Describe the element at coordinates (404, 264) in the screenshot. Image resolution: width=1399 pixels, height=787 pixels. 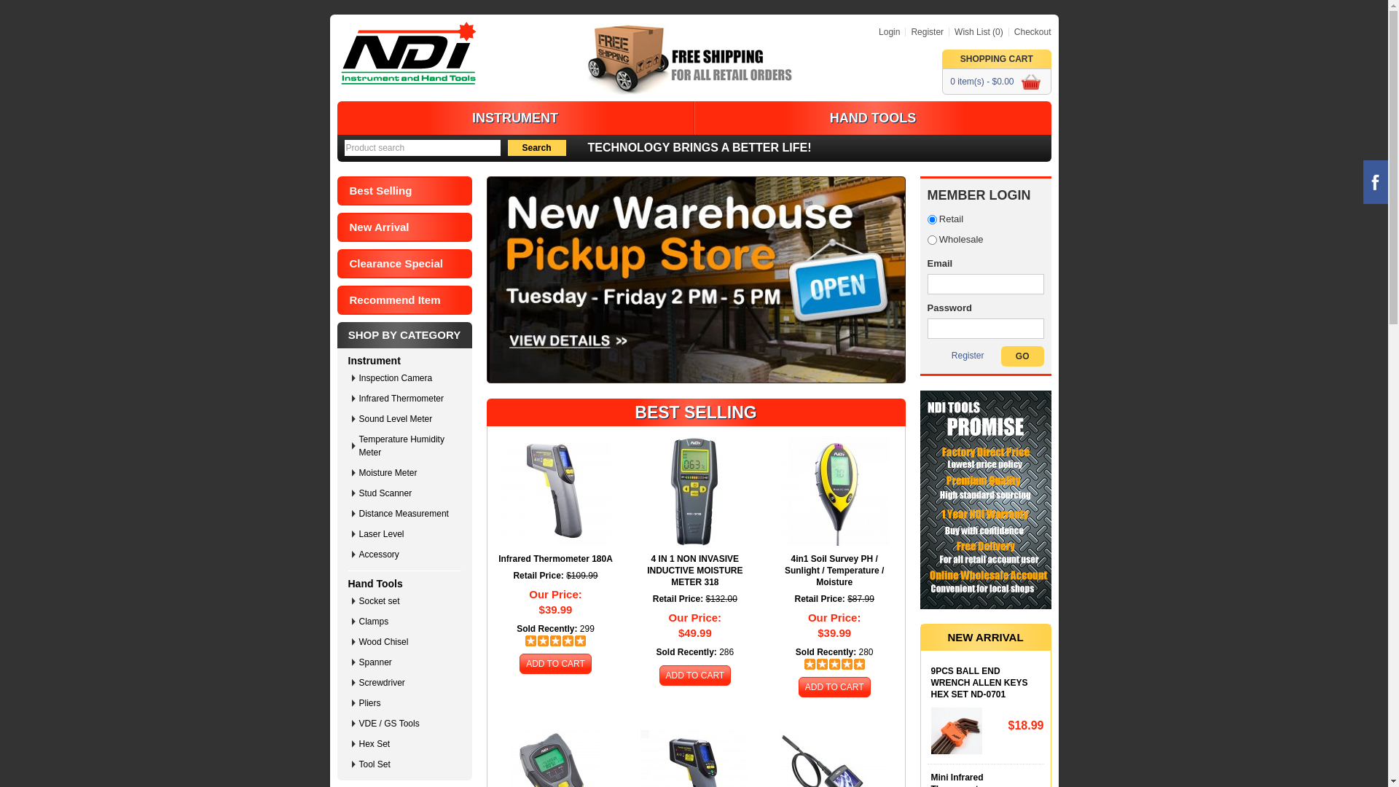
I see `'Clearance Special'` at that location.